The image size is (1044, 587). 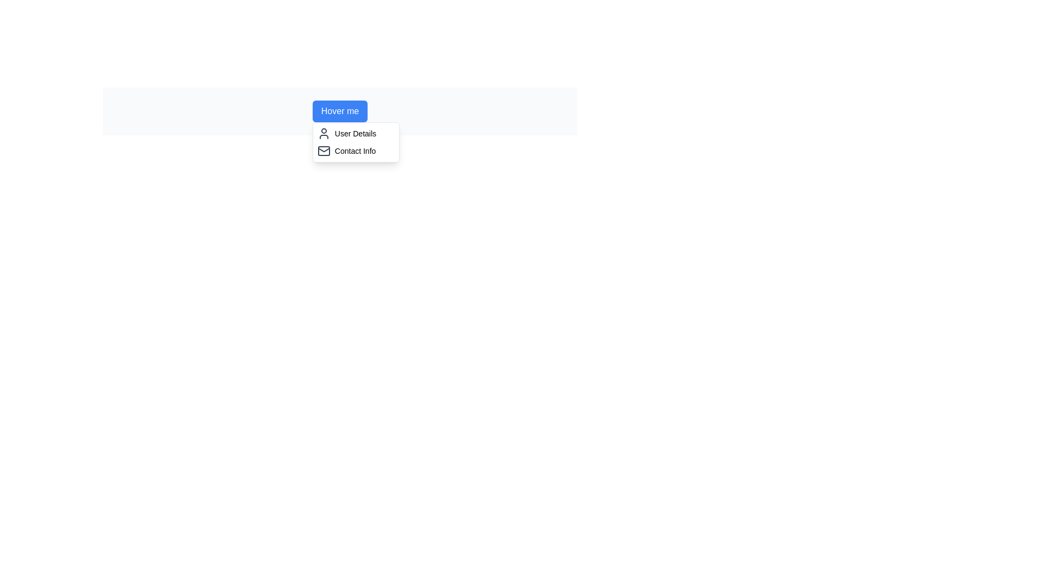 I want to click on the 'Contact Info' text label, which is the second item in a vertical list within a small context menu, so click(x=355, y=151).